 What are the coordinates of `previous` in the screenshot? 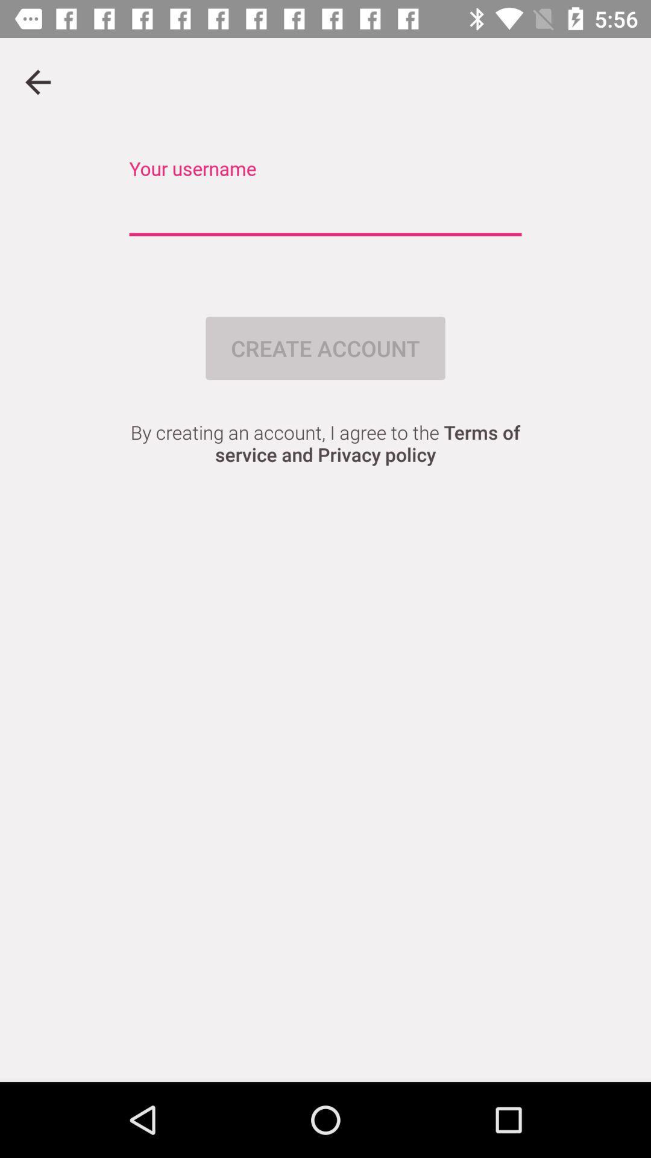 It's located at (37, 81).